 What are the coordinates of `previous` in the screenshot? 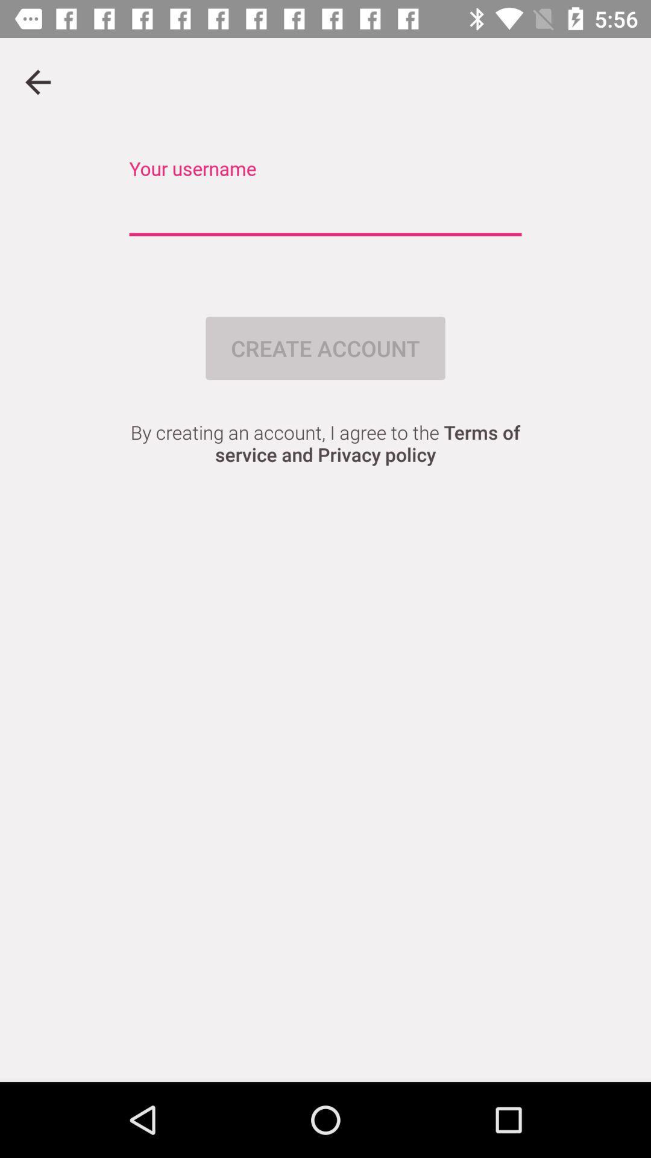 It's located at (37, 81).